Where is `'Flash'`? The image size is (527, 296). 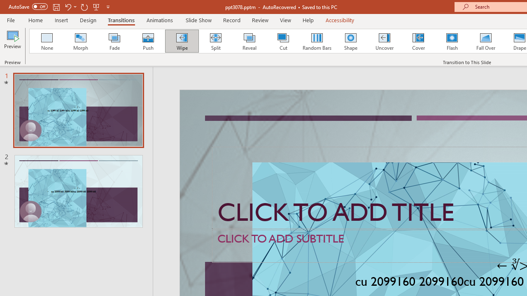
'Flash' is located at coordinates (452, 41).